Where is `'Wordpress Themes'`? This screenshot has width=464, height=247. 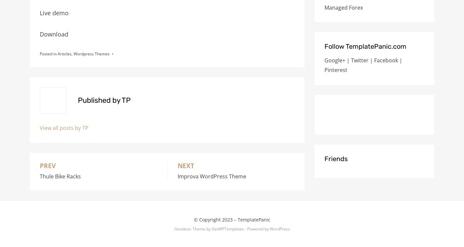 'Wordpress Themes' is located at coordinates (91, 53).